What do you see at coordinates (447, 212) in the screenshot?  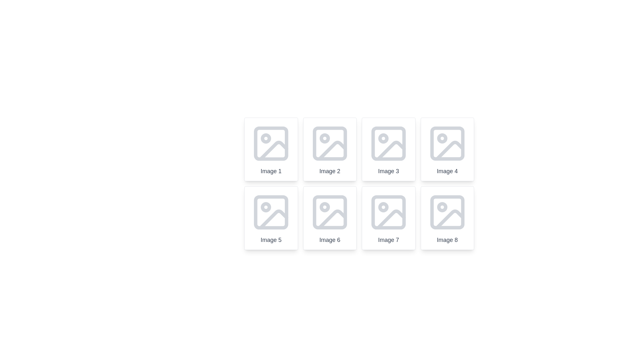 I see `the gray icon resembling an image placeholder located in the card labeled 'Image 8', specifically in the second row, fourth column of a 2x4 grid` at bounding box center [447, 212].